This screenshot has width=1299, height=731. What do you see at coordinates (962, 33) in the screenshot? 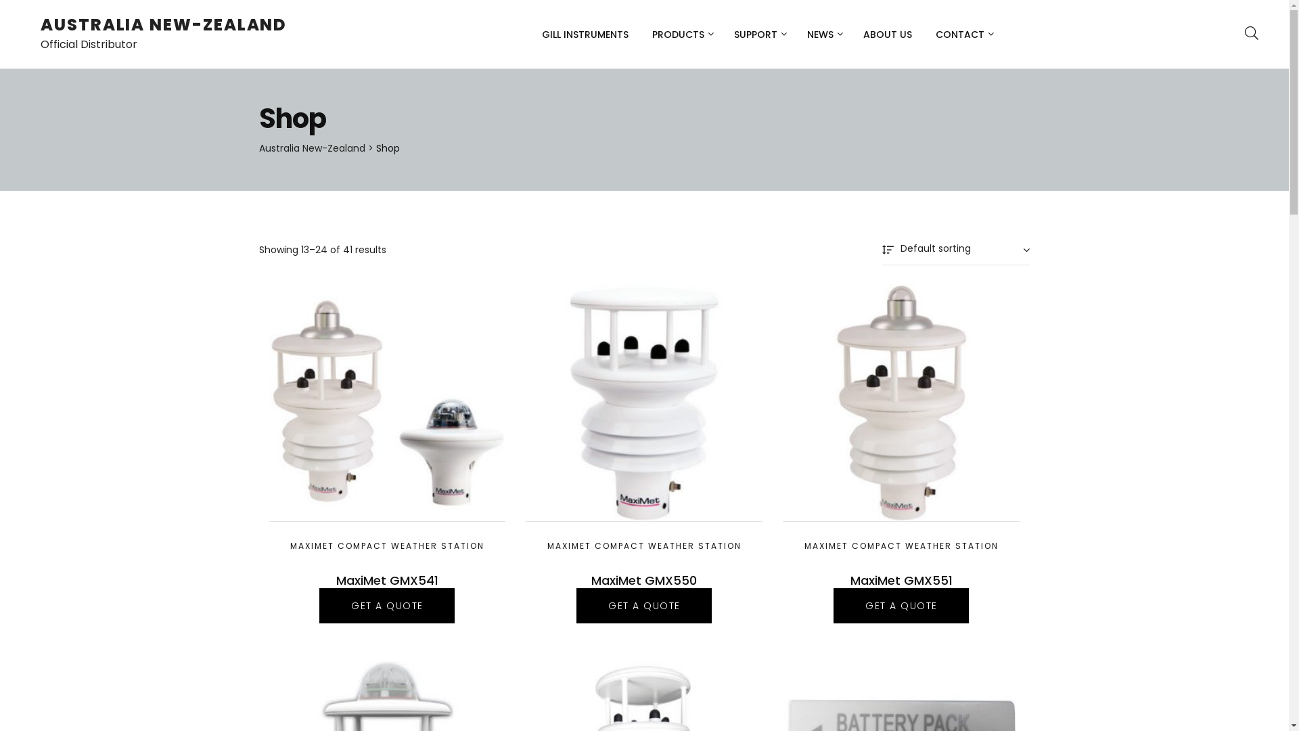
I see `'CONTACT'` at bounding box center [962, 33].